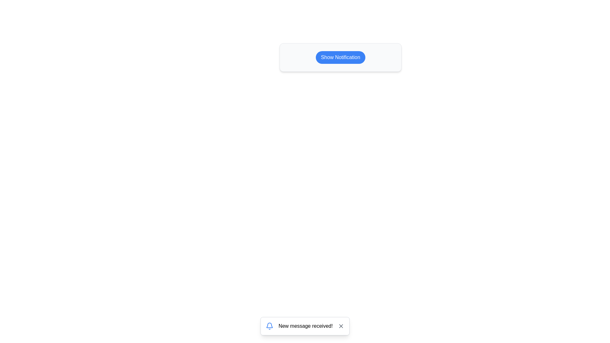 The image size is (610, 343). Describe the element at coordinates (269, 326) in the screenshot. I see `the notification icon to observe its context` at that location.